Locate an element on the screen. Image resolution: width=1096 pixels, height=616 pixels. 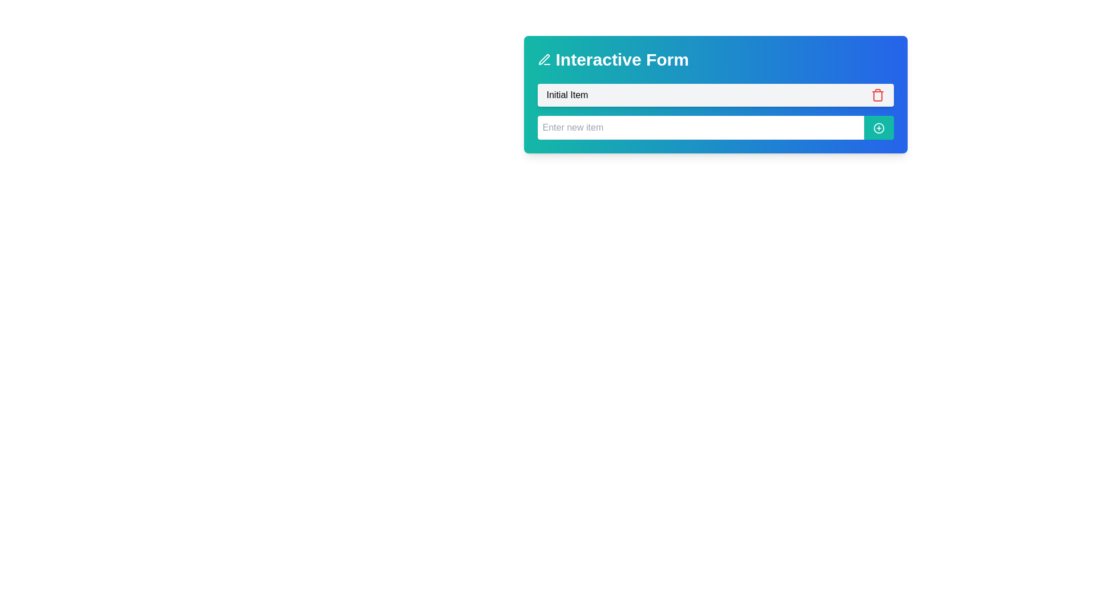
the delete icon button located on the far right of the 'Initial Item' label is located at coordinates (877, 94).